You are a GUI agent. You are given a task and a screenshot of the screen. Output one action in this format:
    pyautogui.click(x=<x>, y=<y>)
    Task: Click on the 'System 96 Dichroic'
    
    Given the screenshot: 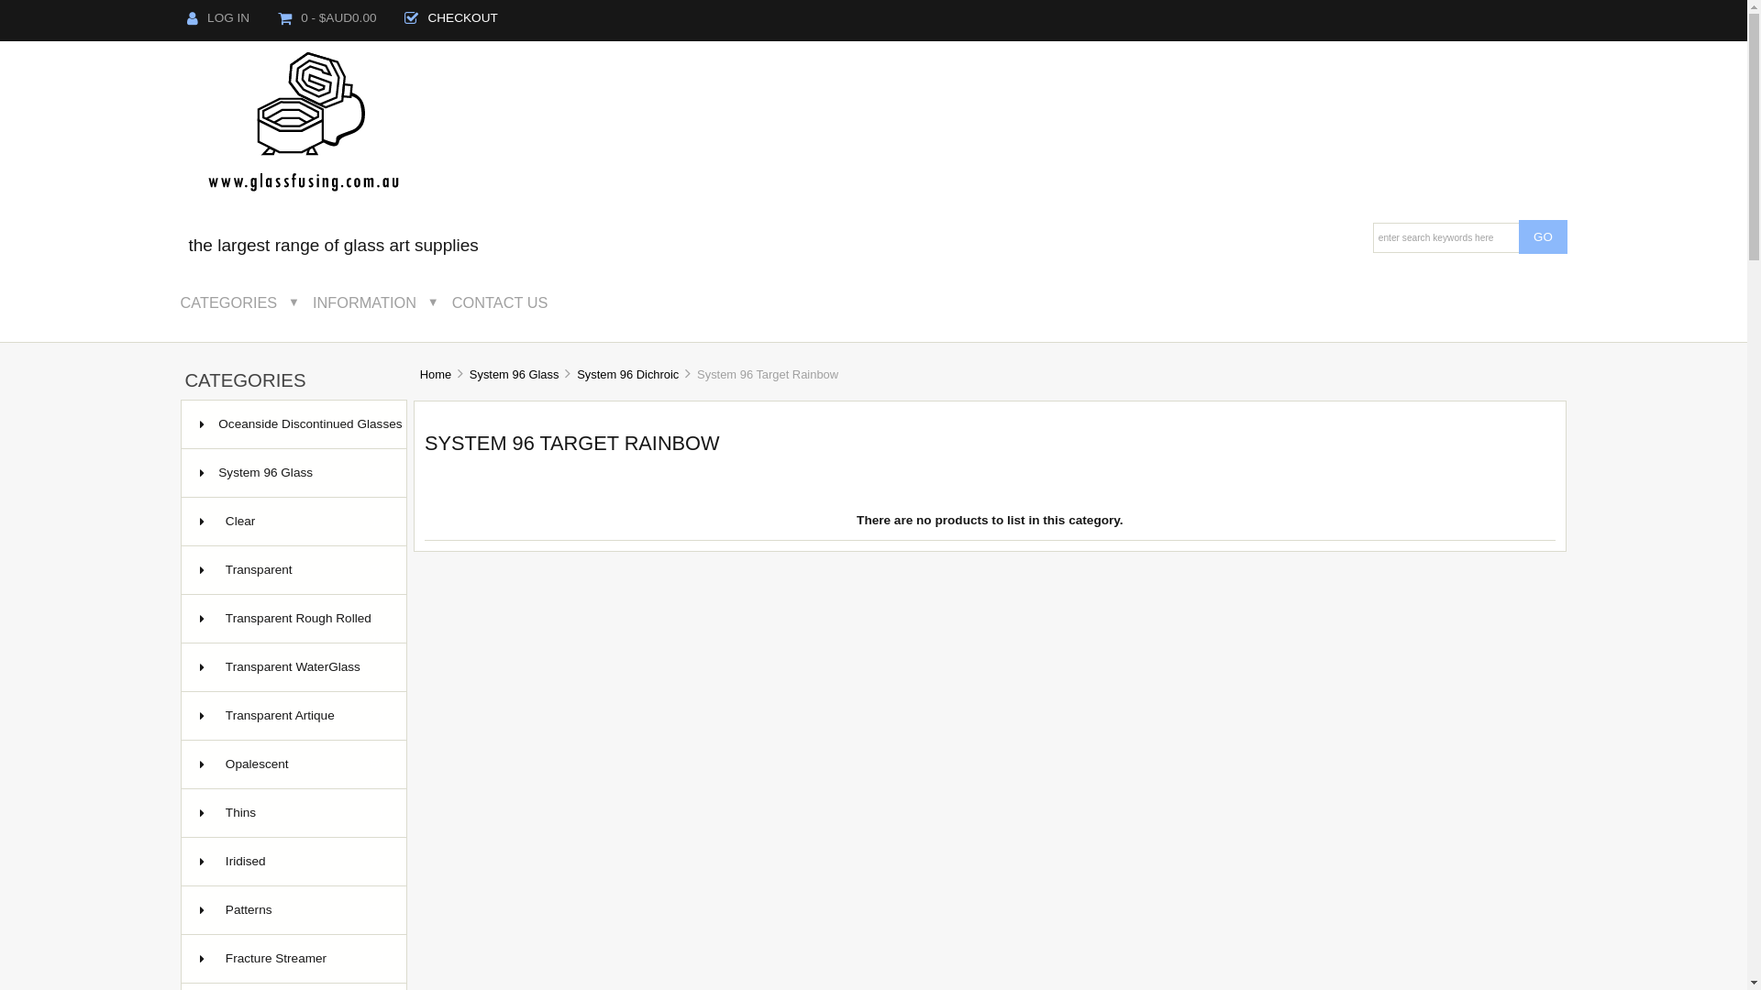 What is the action you would take?
    pyautogui.click(x=627, y=373)
    